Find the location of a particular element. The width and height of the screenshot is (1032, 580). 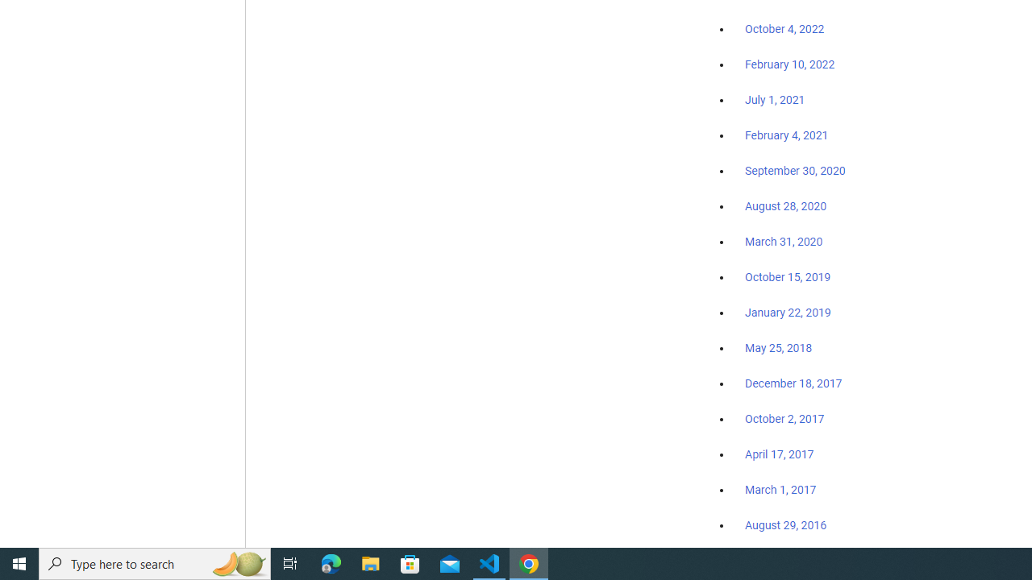

'January 22, 2019' is located at coordinates (788, 312).